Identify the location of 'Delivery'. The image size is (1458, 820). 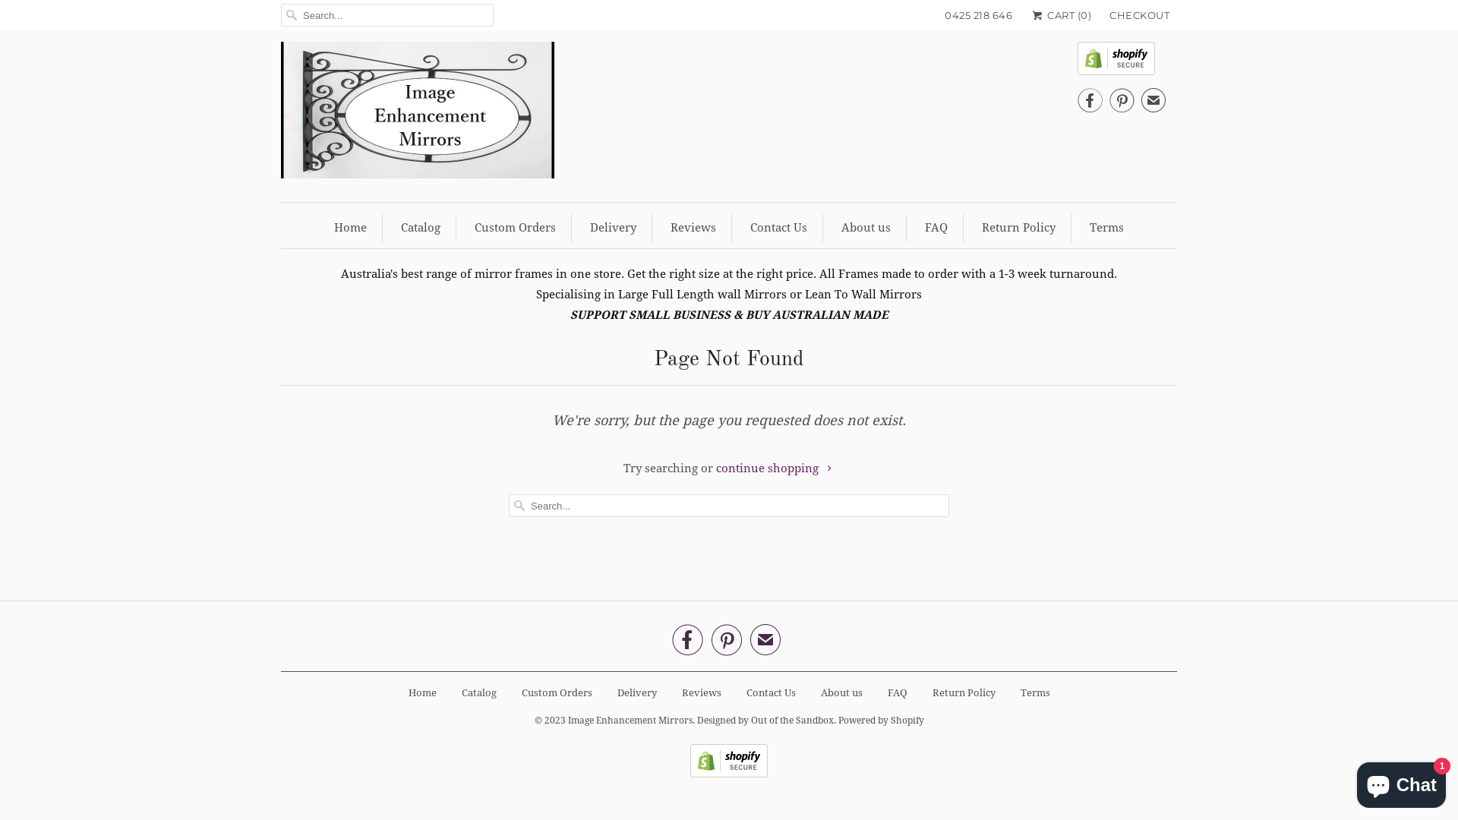
(636, 692).